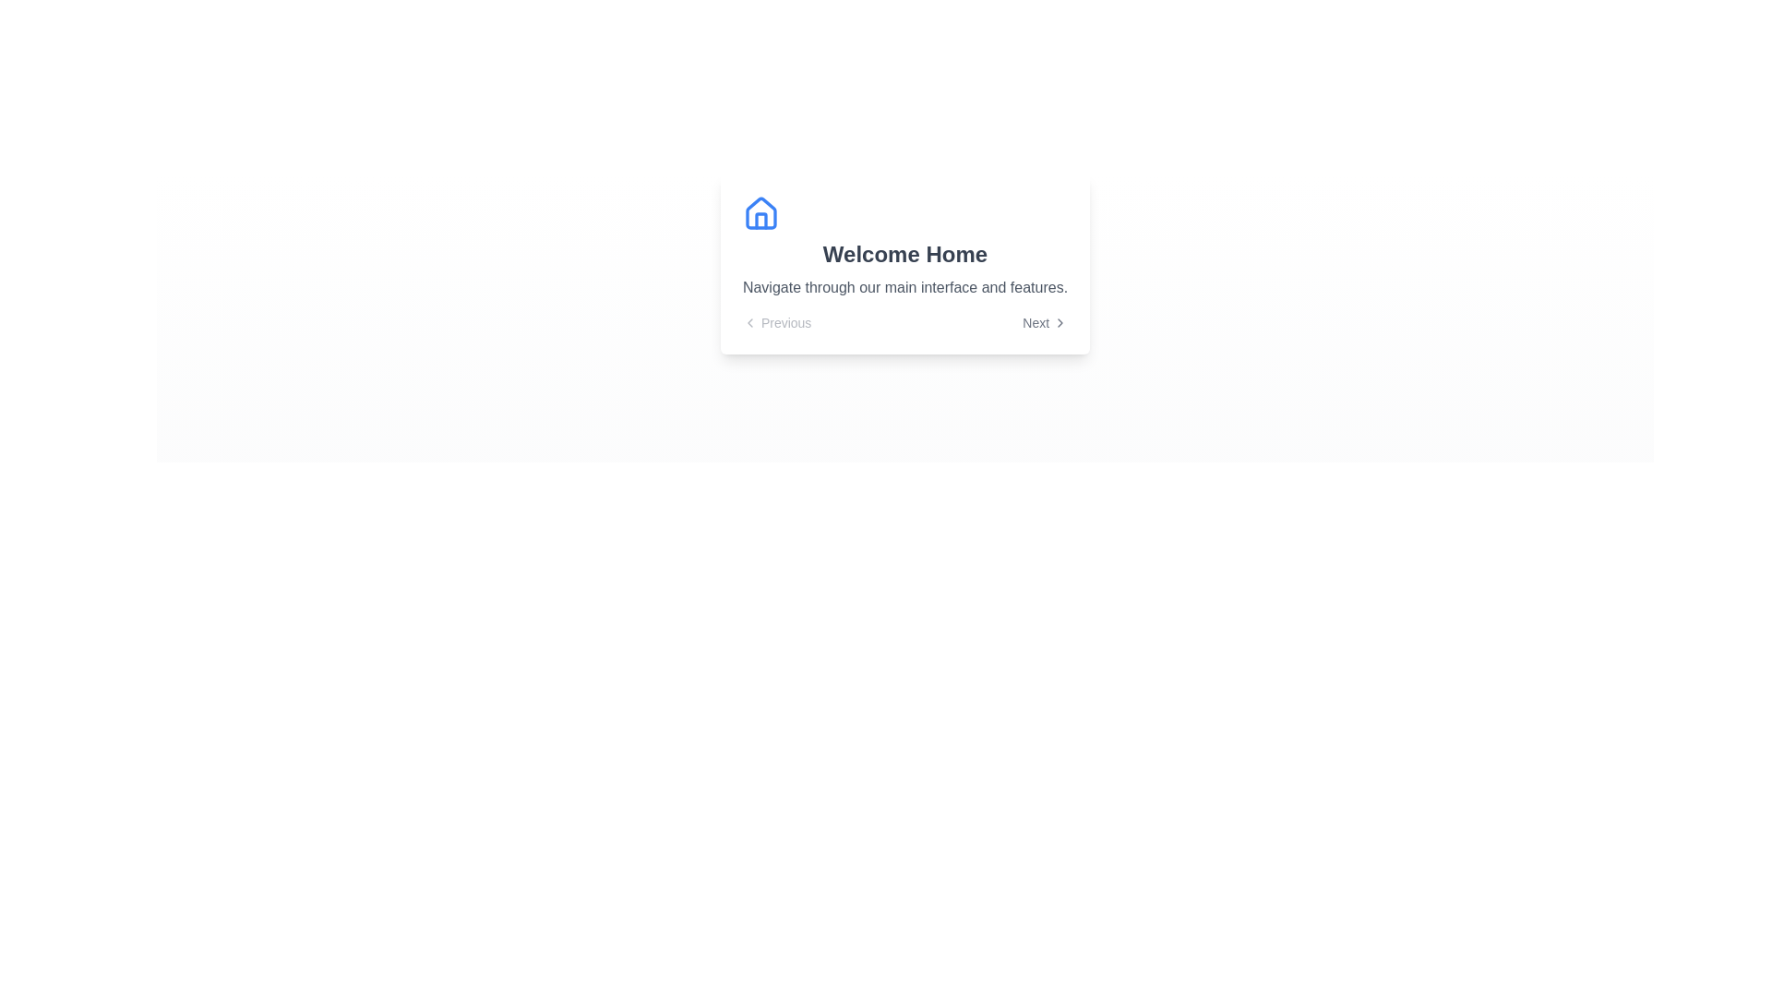 The height and width of the screenshot is (997, 1772). What do you see at coordinates (1045, 322) in the screenshot?
I see `the 'Next' button, which is a text link styled with light gray font and a right-pointing chevron arrow, located at the bottom-right of its group` at bounding box center [1045, 322].